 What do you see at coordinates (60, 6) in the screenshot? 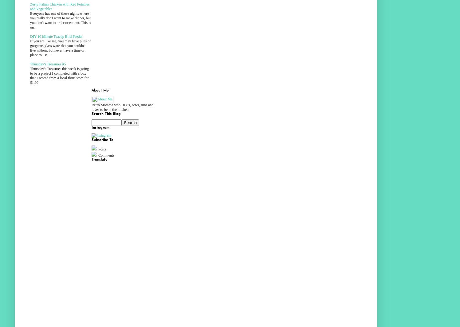
I see `'Zesty Italian Chicken with Red Potatoes and Vegetables'` at bounding box center [60, 6].